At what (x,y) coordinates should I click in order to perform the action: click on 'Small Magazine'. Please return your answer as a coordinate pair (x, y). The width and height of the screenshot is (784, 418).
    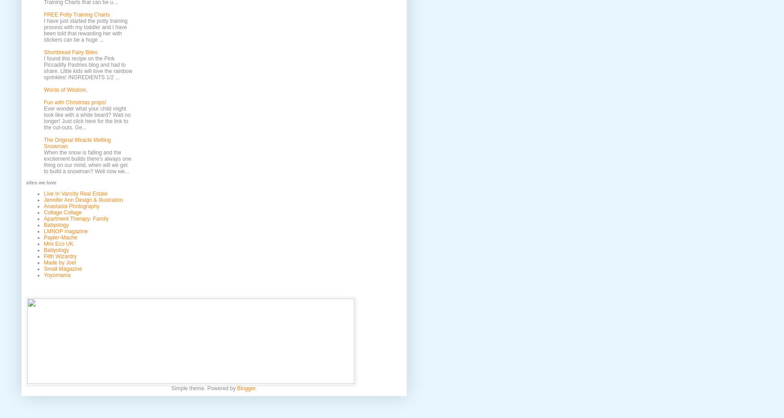
    Looking at the image, I should click on (62, 268).